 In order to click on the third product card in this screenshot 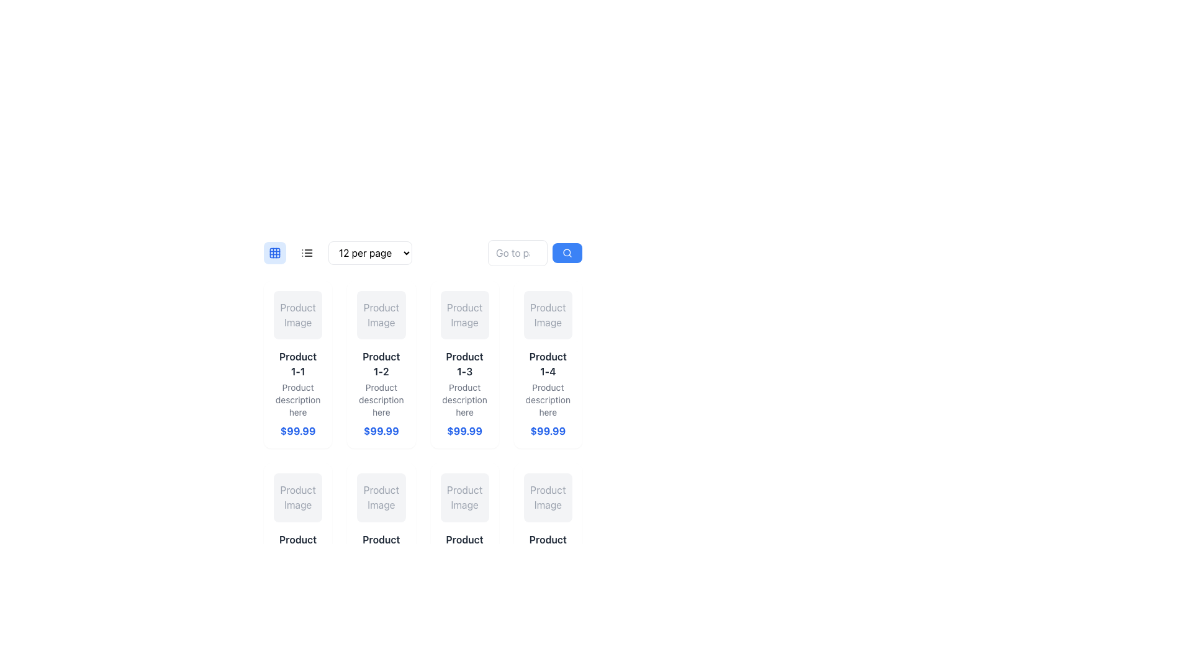, I will do `click(423, 377)`.